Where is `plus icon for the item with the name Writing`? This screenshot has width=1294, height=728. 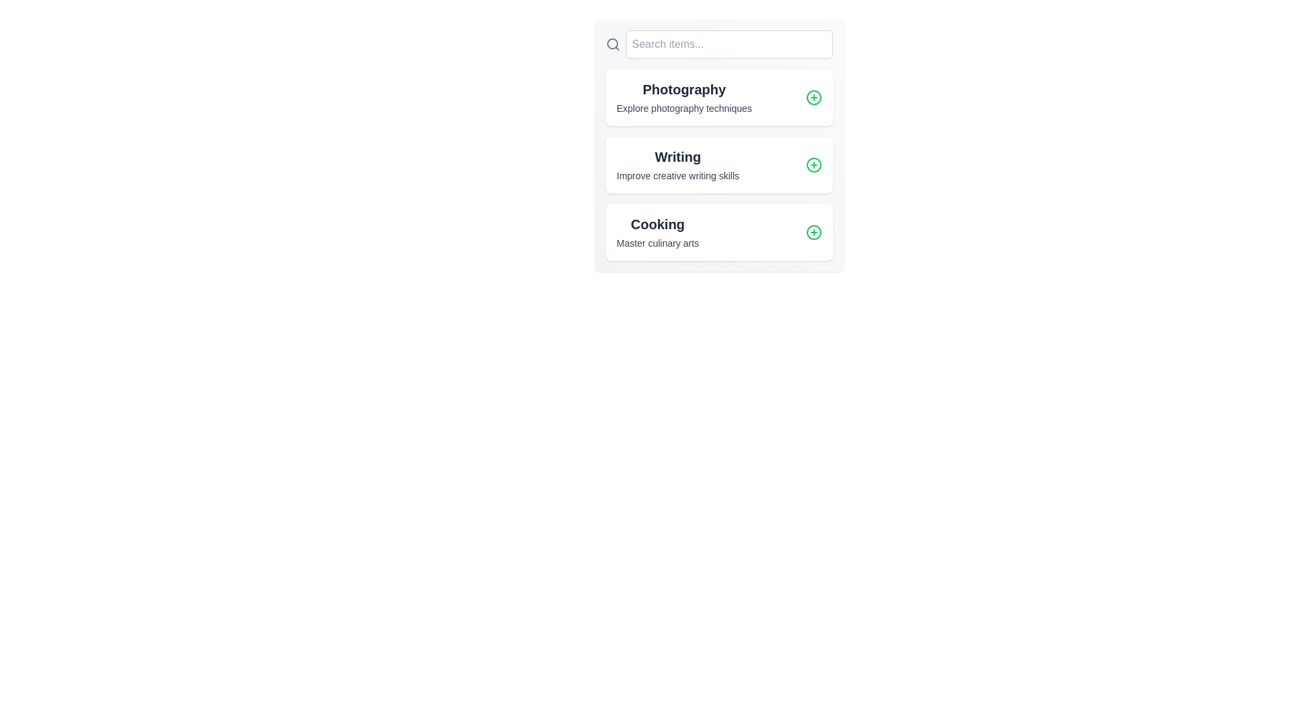 plus icon for the item with the name Writing is located at coordinates (813, 164).